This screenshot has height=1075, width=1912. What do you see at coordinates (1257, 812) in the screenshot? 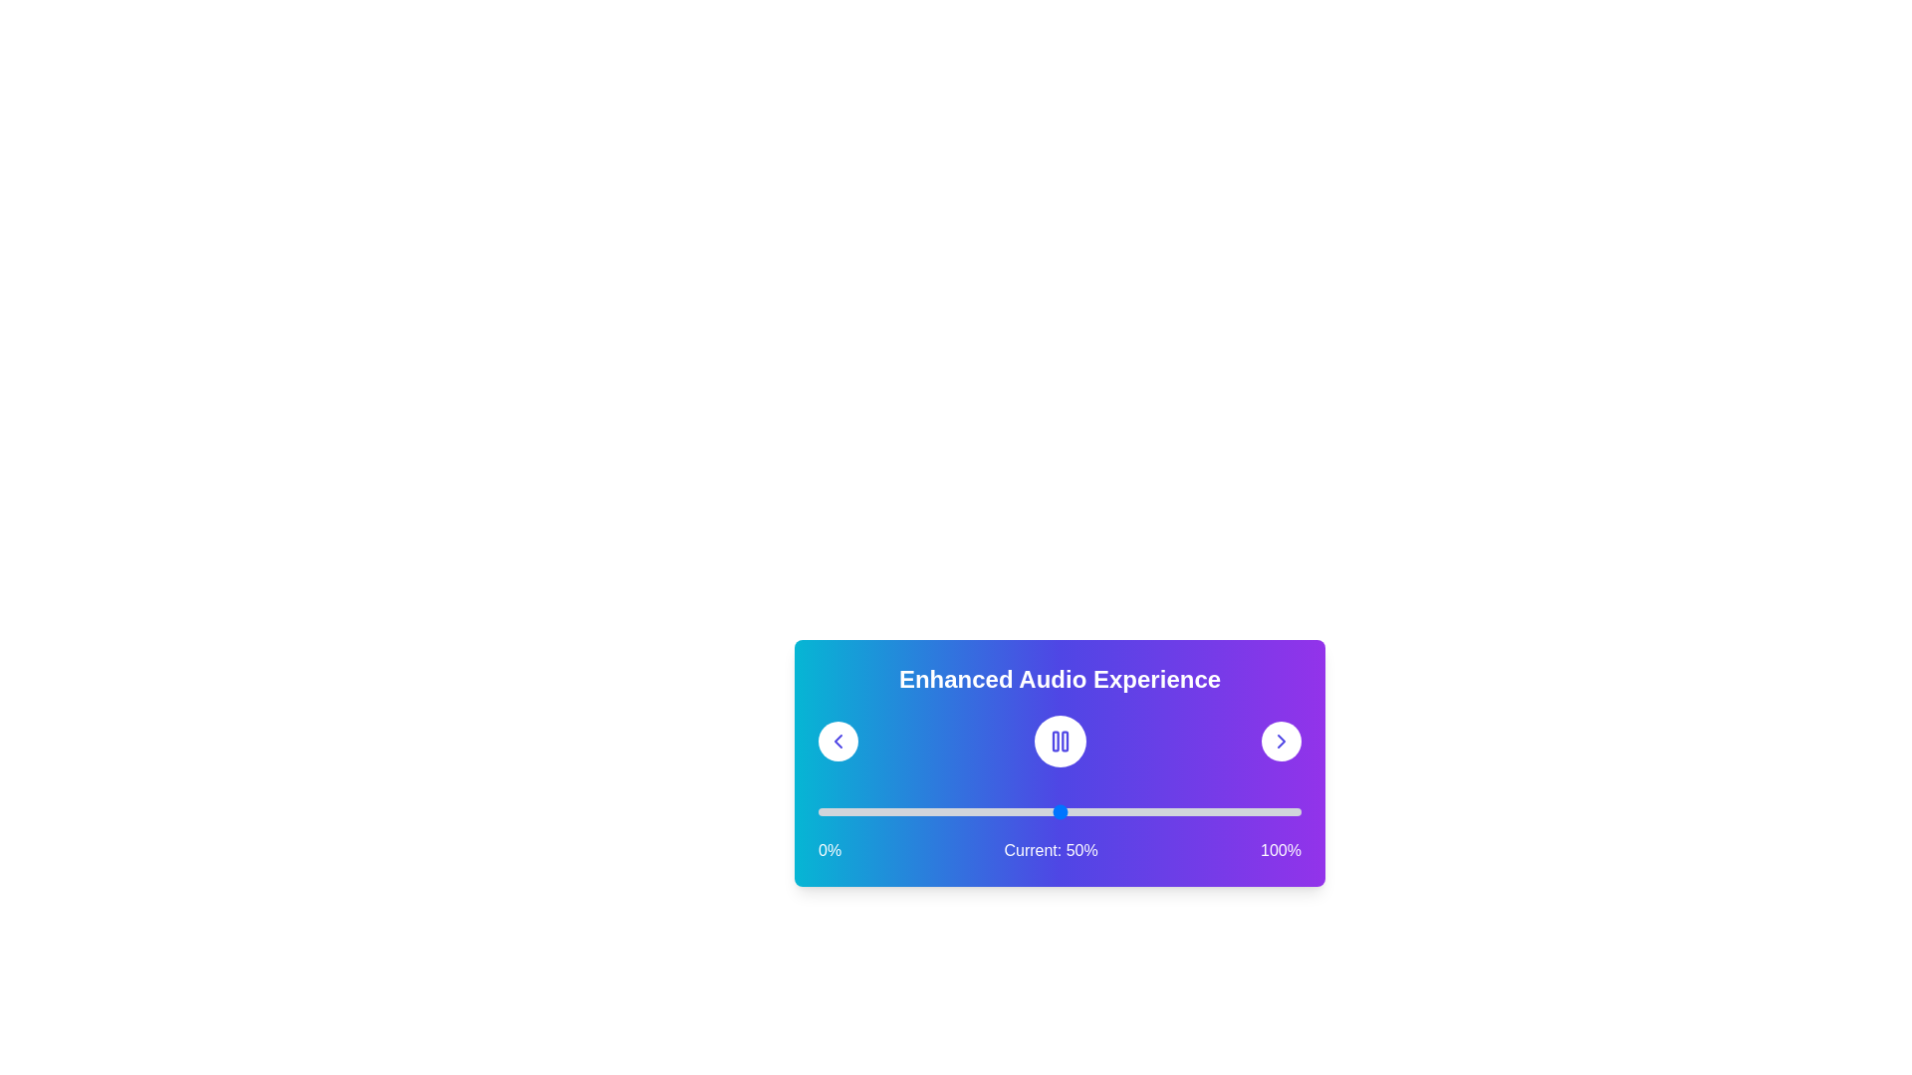
I see `the slider to set the audio position to 91%` at bounding box center [1257, 812].